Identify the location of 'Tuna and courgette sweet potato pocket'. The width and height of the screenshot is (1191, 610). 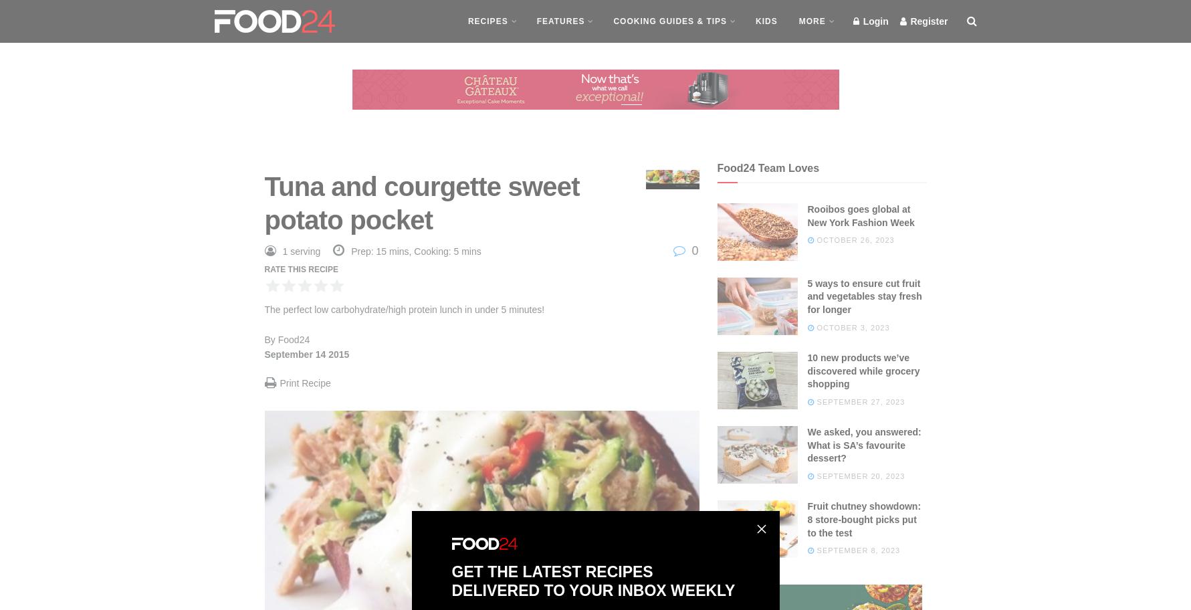
(421, 202).